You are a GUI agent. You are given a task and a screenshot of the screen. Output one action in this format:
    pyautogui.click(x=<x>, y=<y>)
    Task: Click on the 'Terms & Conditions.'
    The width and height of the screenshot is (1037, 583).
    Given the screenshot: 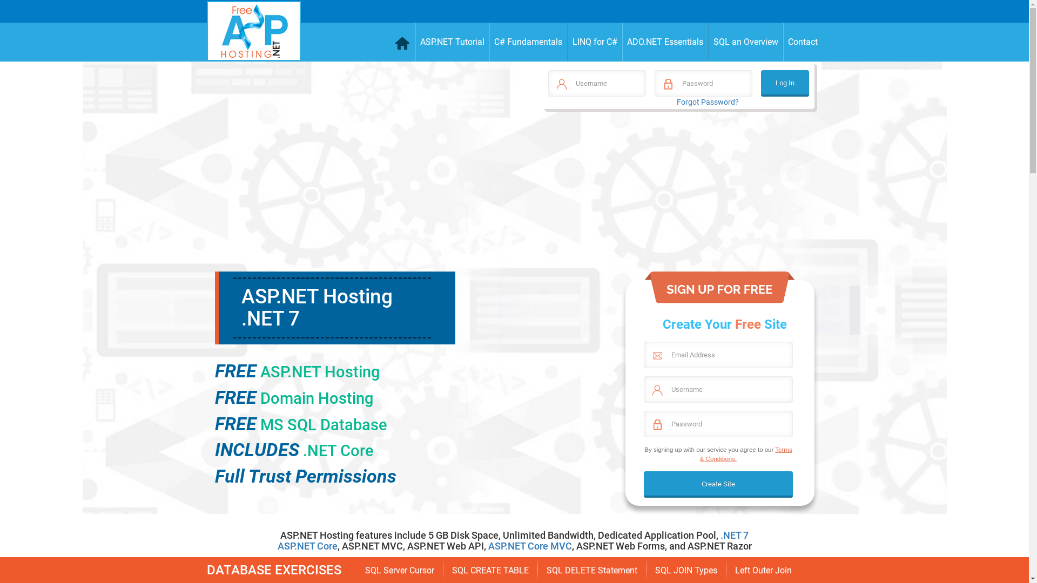 What is the action you would take?
    pyautogui.click(x=745, y=453)
    